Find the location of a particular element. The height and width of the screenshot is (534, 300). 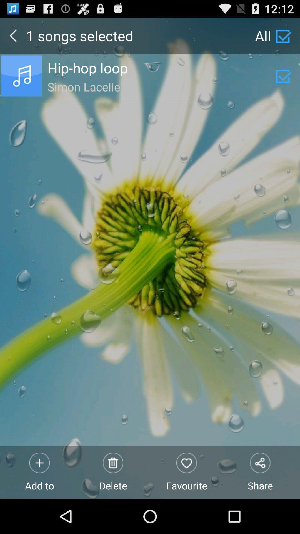

the item to the right of favourite icon is located at coordinates (260, 472).